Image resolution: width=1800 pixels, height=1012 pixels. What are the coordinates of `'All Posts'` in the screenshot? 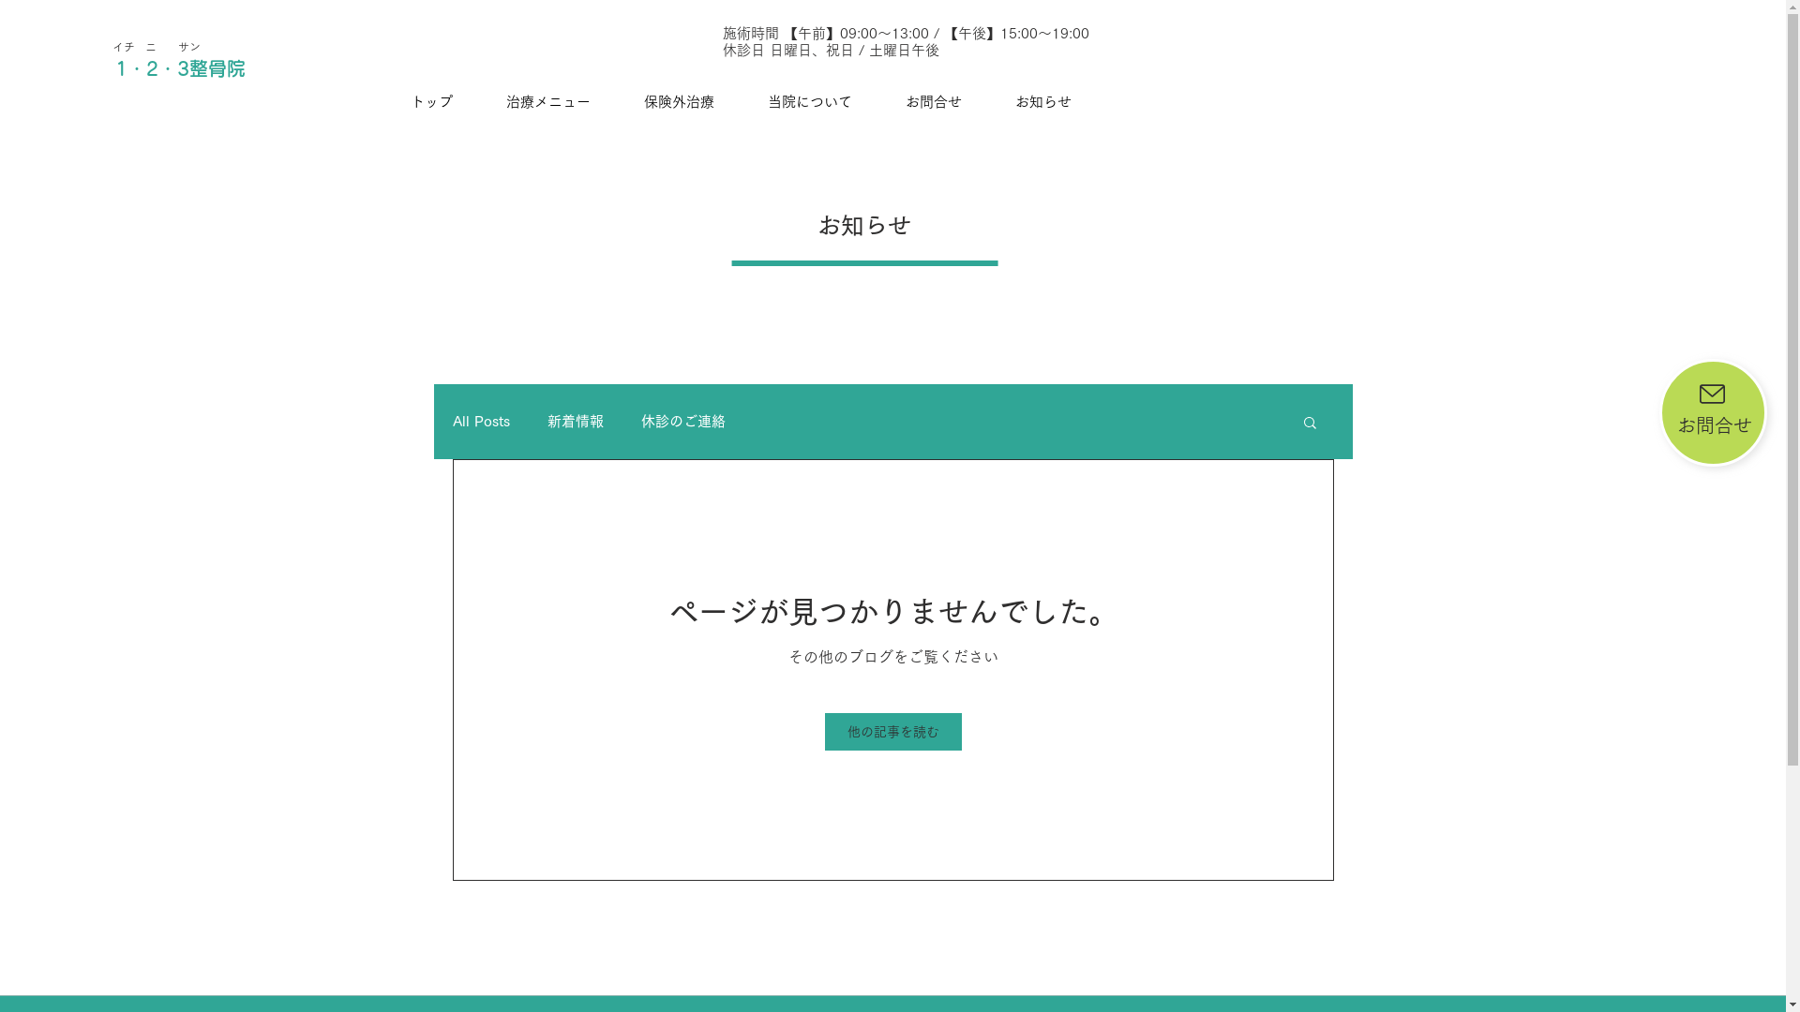 It's located at (480, 422).